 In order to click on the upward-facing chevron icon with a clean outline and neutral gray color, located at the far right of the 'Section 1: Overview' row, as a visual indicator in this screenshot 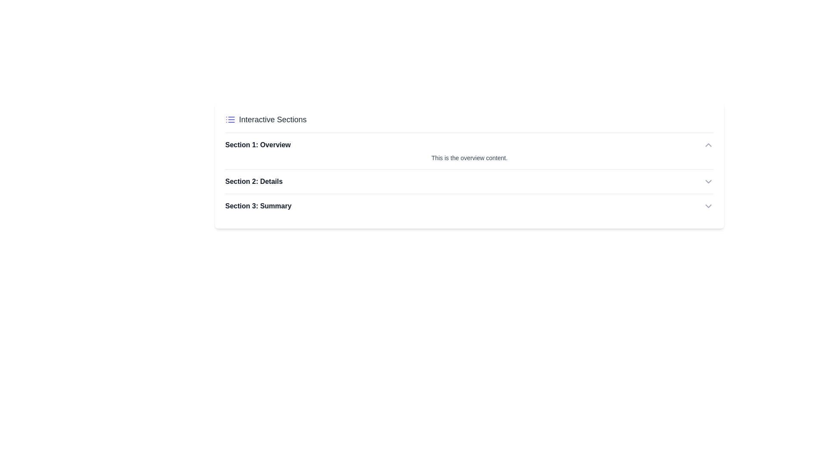, I will do `click(709, 144)`.